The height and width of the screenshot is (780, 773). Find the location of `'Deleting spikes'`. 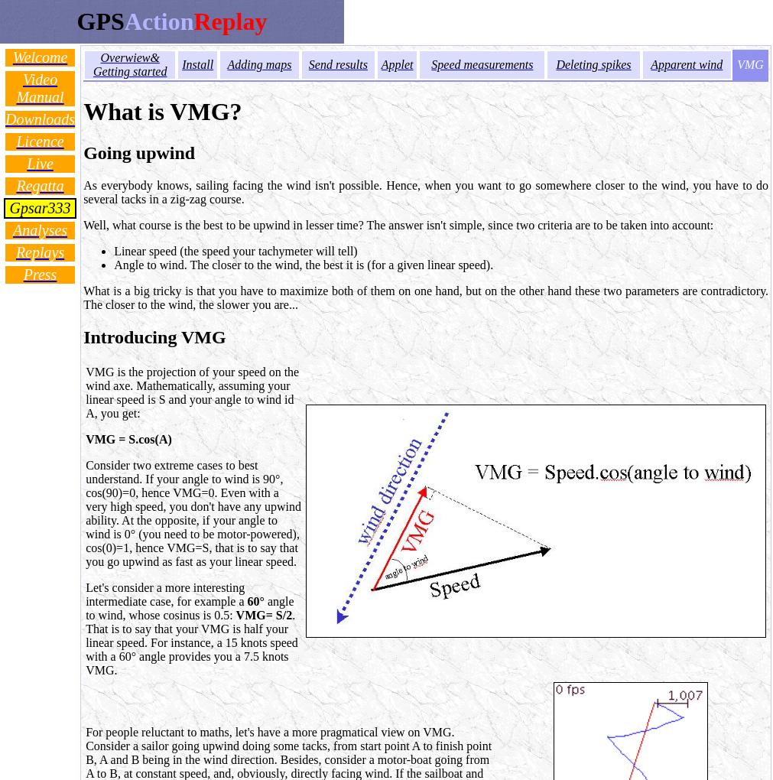

'Deleting spikes' is located at coordinates (593, 64).